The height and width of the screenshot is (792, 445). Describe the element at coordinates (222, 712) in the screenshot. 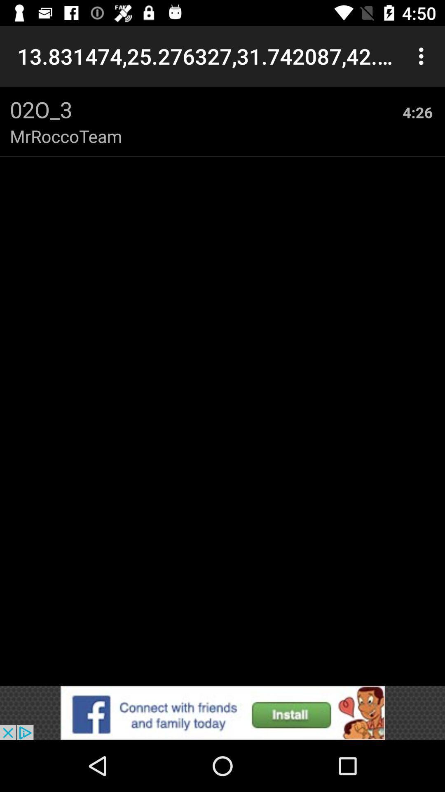

I see `open advertisement` at that location.